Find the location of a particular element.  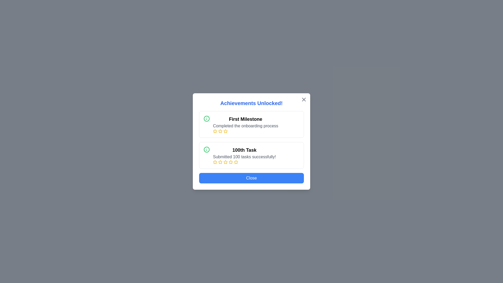

the 'X' shaped close button located is located at coordinates (304, 100).